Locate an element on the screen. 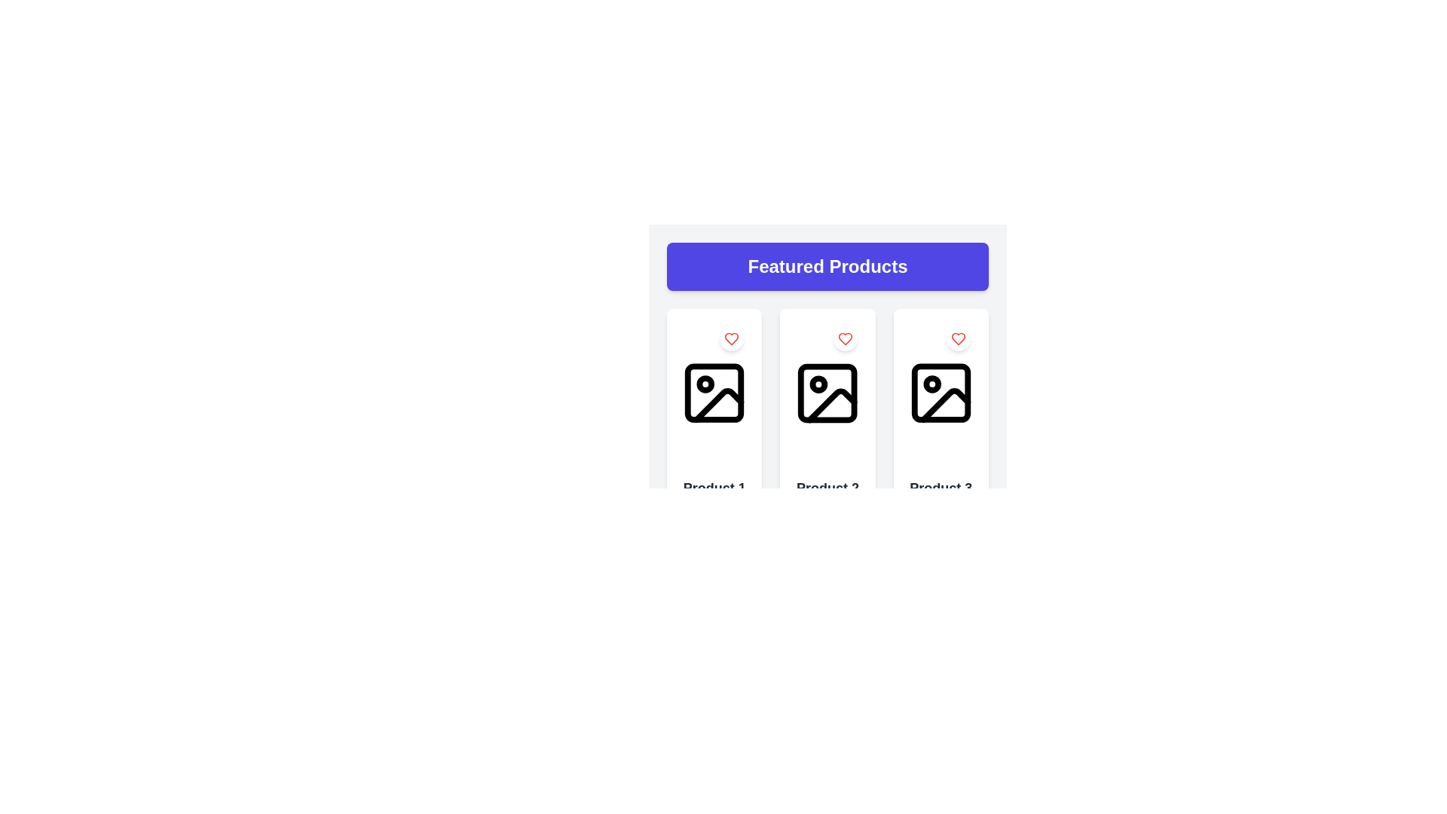  the favorite button located in the top-right corner of the first product card under the 'Featured Products' section is located at coordinates (732, 339).